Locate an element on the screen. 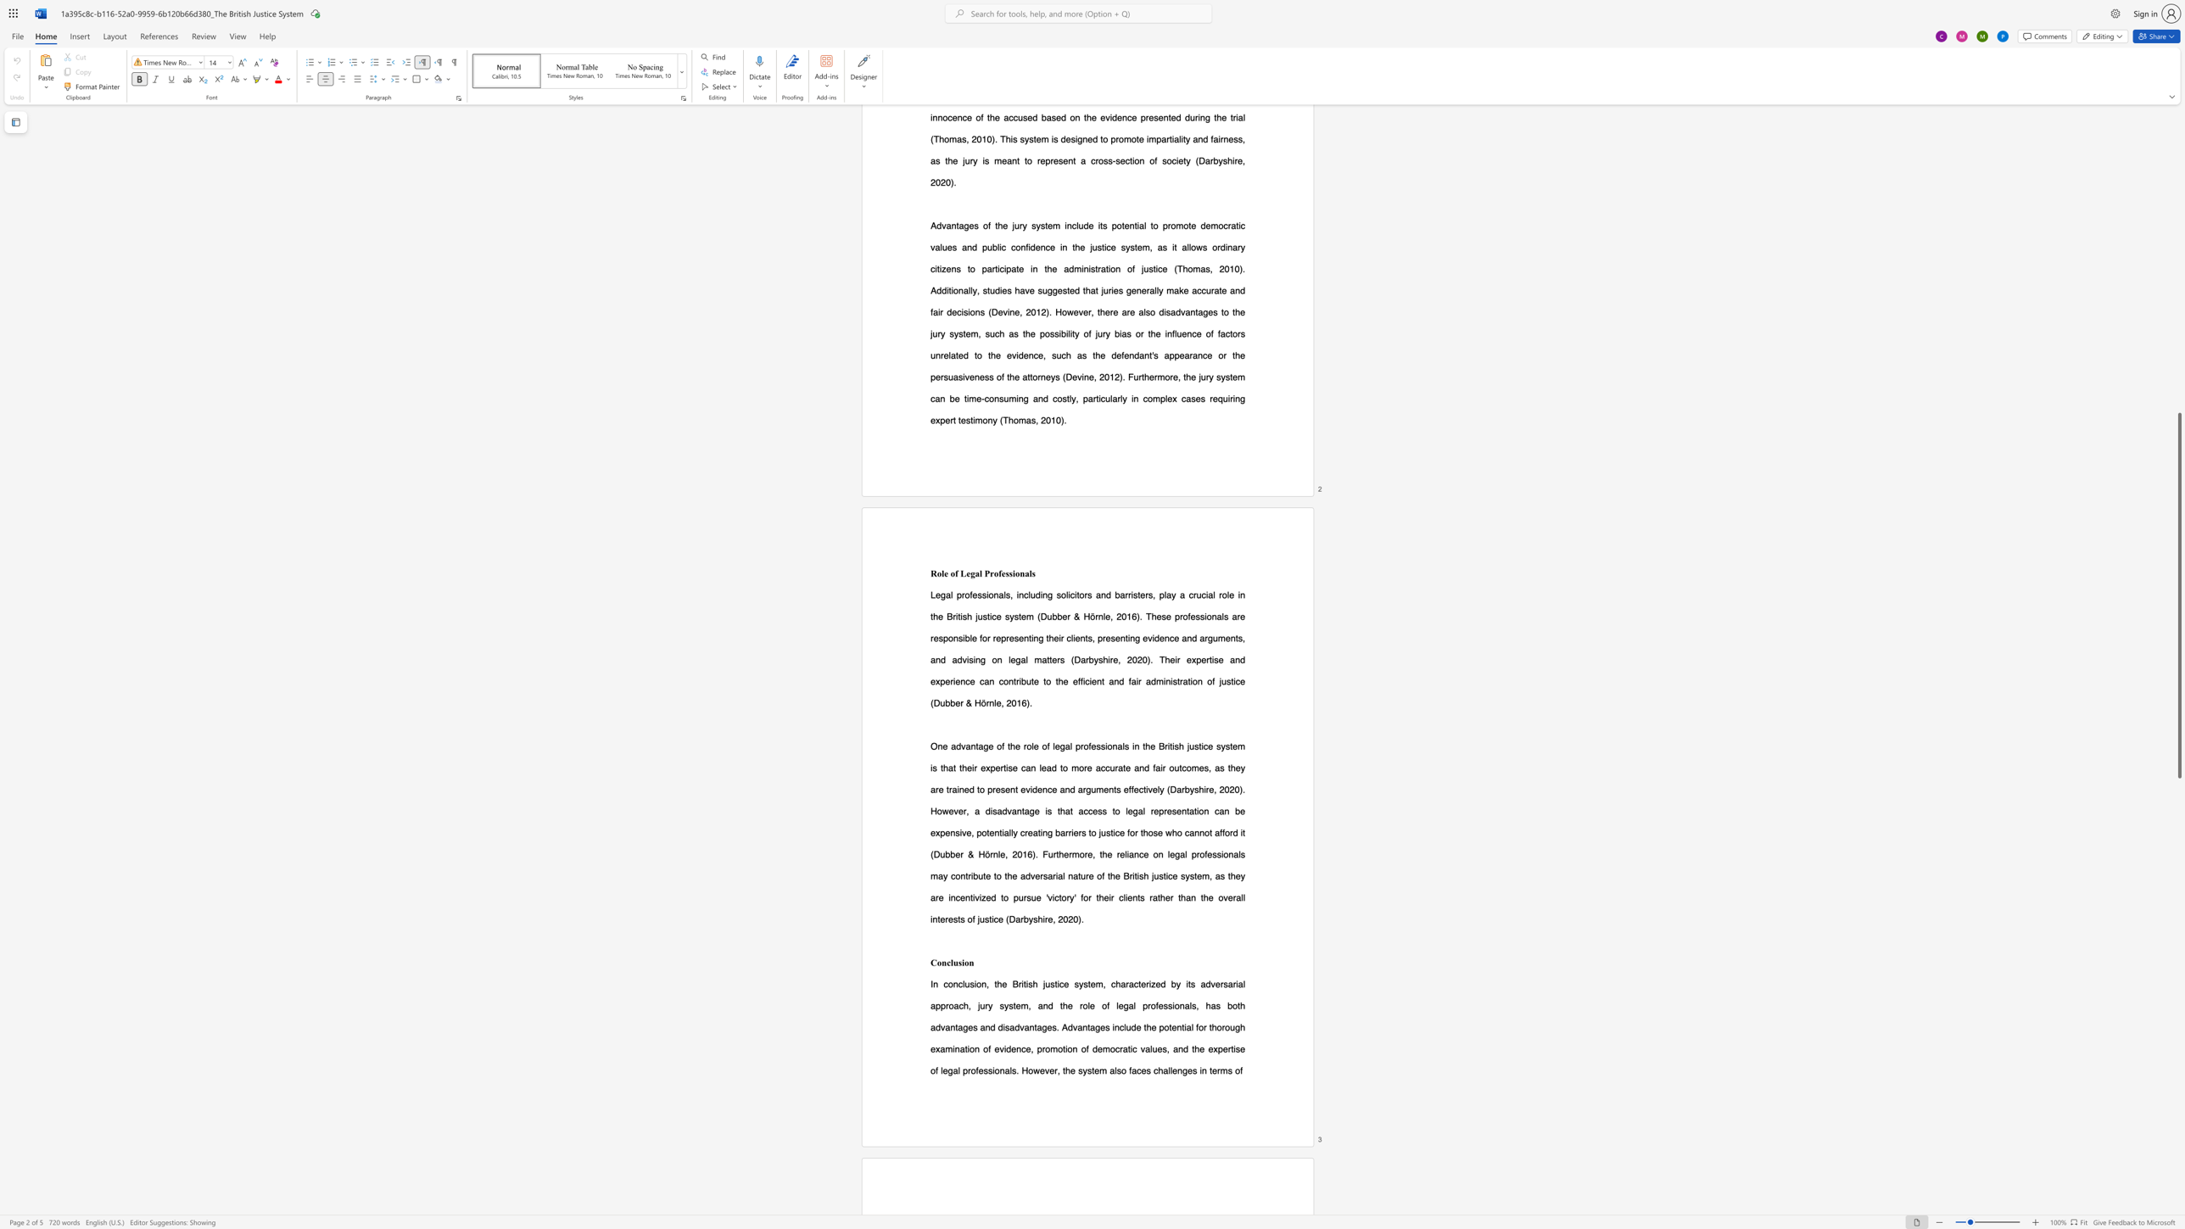 The width and height of the screenshot is (2185, 1229). the scrollbar to move the page upward is located at coordinates (2178, 170).